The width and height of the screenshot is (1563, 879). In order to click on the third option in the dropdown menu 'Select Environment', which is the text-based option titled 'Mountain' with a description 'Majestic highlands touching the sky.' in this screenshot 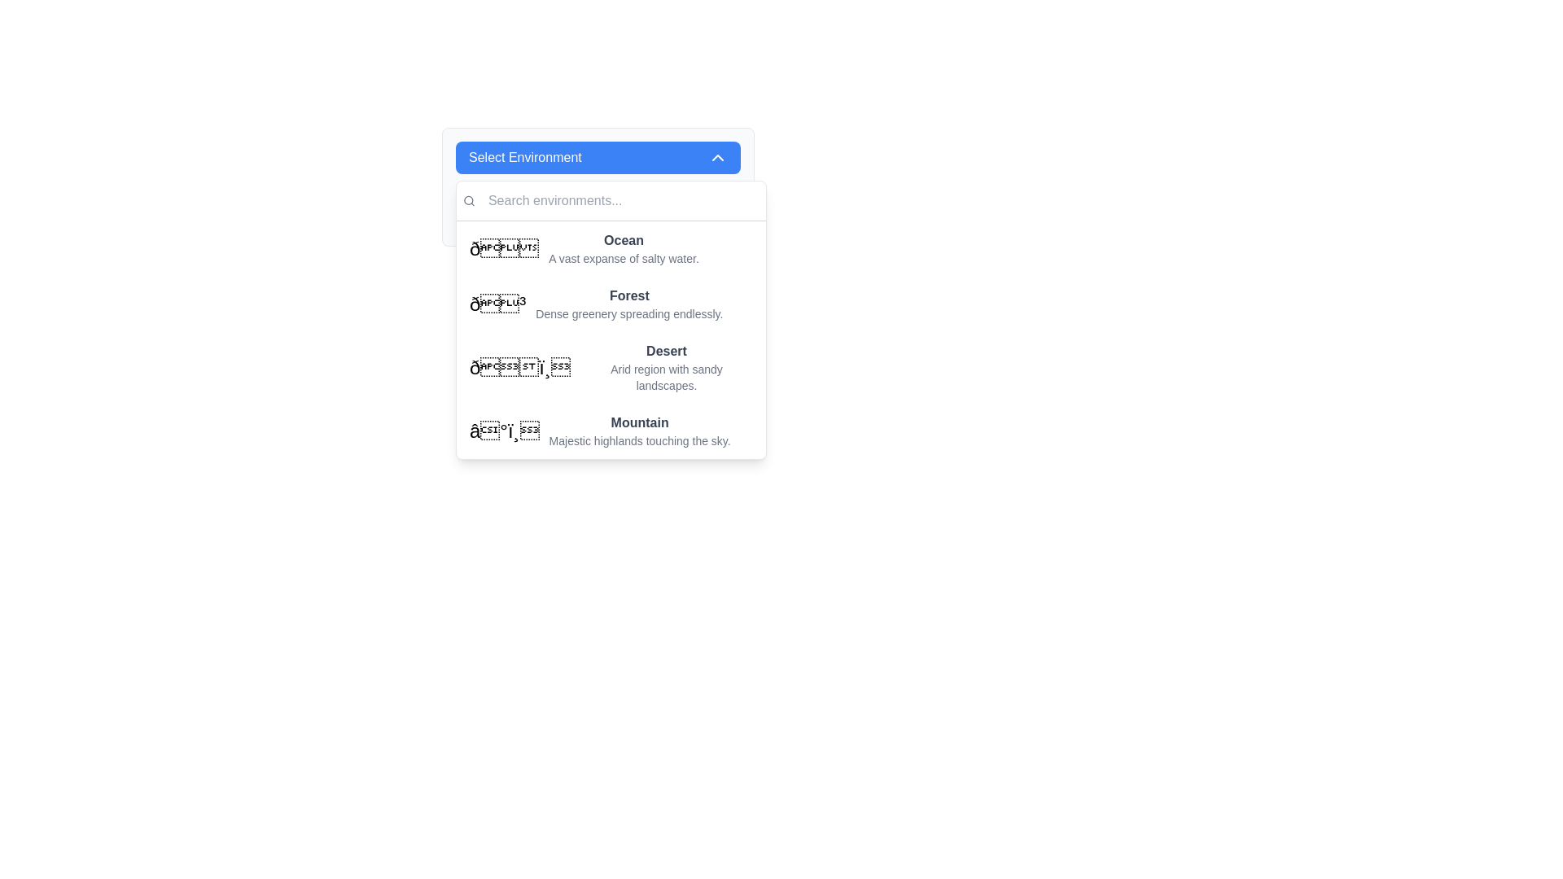, I will do `click(639, 430)`.